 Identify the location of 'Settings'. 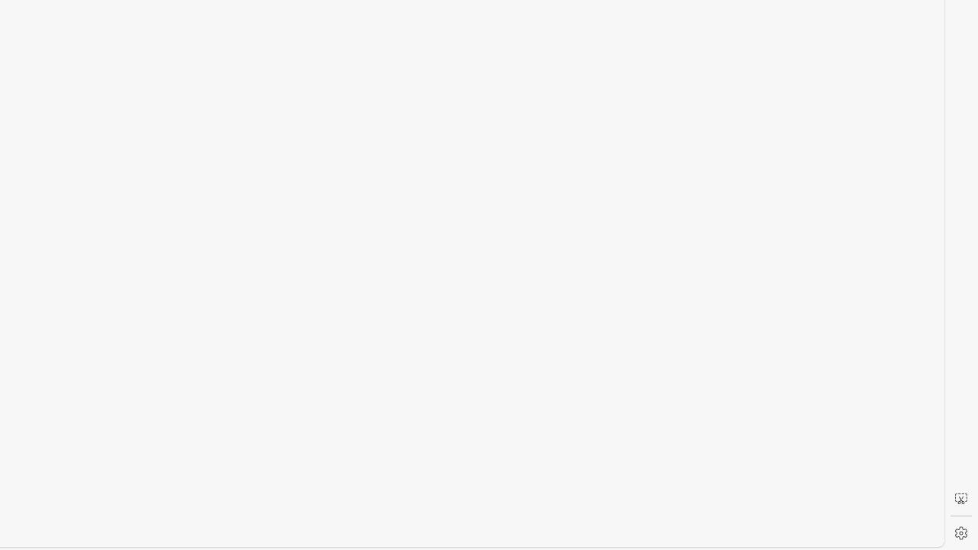
(960, 532).